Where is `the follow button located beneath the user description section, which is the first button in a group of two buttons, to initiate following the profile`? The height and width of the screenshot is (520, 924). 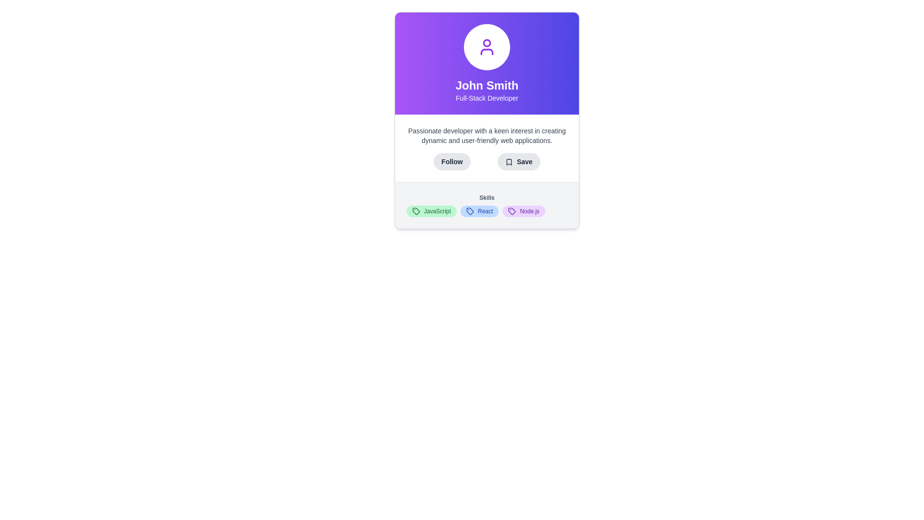
the follow button located beneath the user description section, which is the first button in a group of two buttons, to initiate following the profile is located at coordinates (451, 161).